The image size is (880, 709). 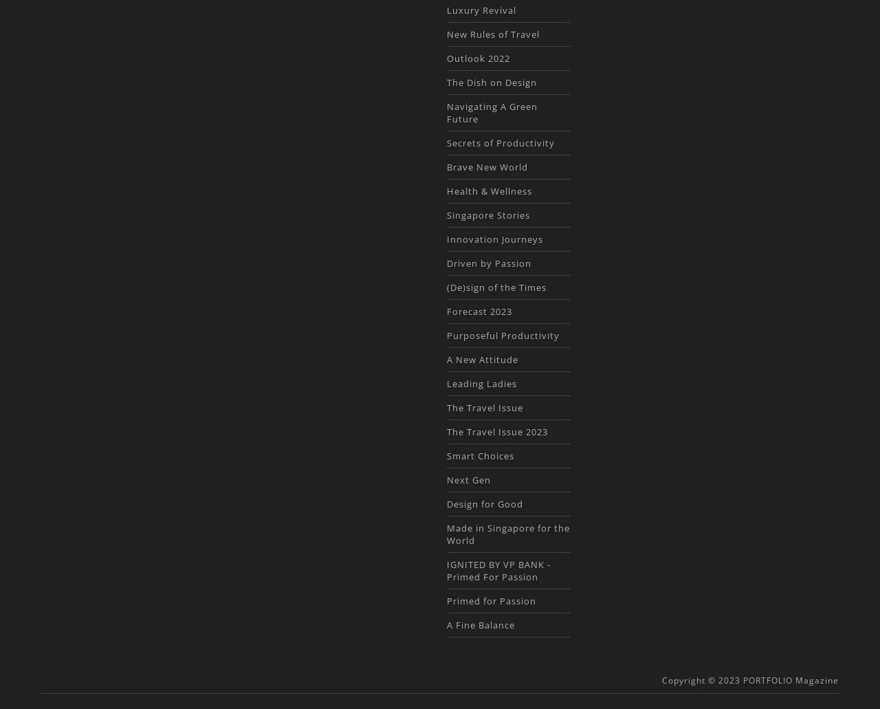 I want to click on 'The Travel Issue 2023', so click(x=496, y=431).